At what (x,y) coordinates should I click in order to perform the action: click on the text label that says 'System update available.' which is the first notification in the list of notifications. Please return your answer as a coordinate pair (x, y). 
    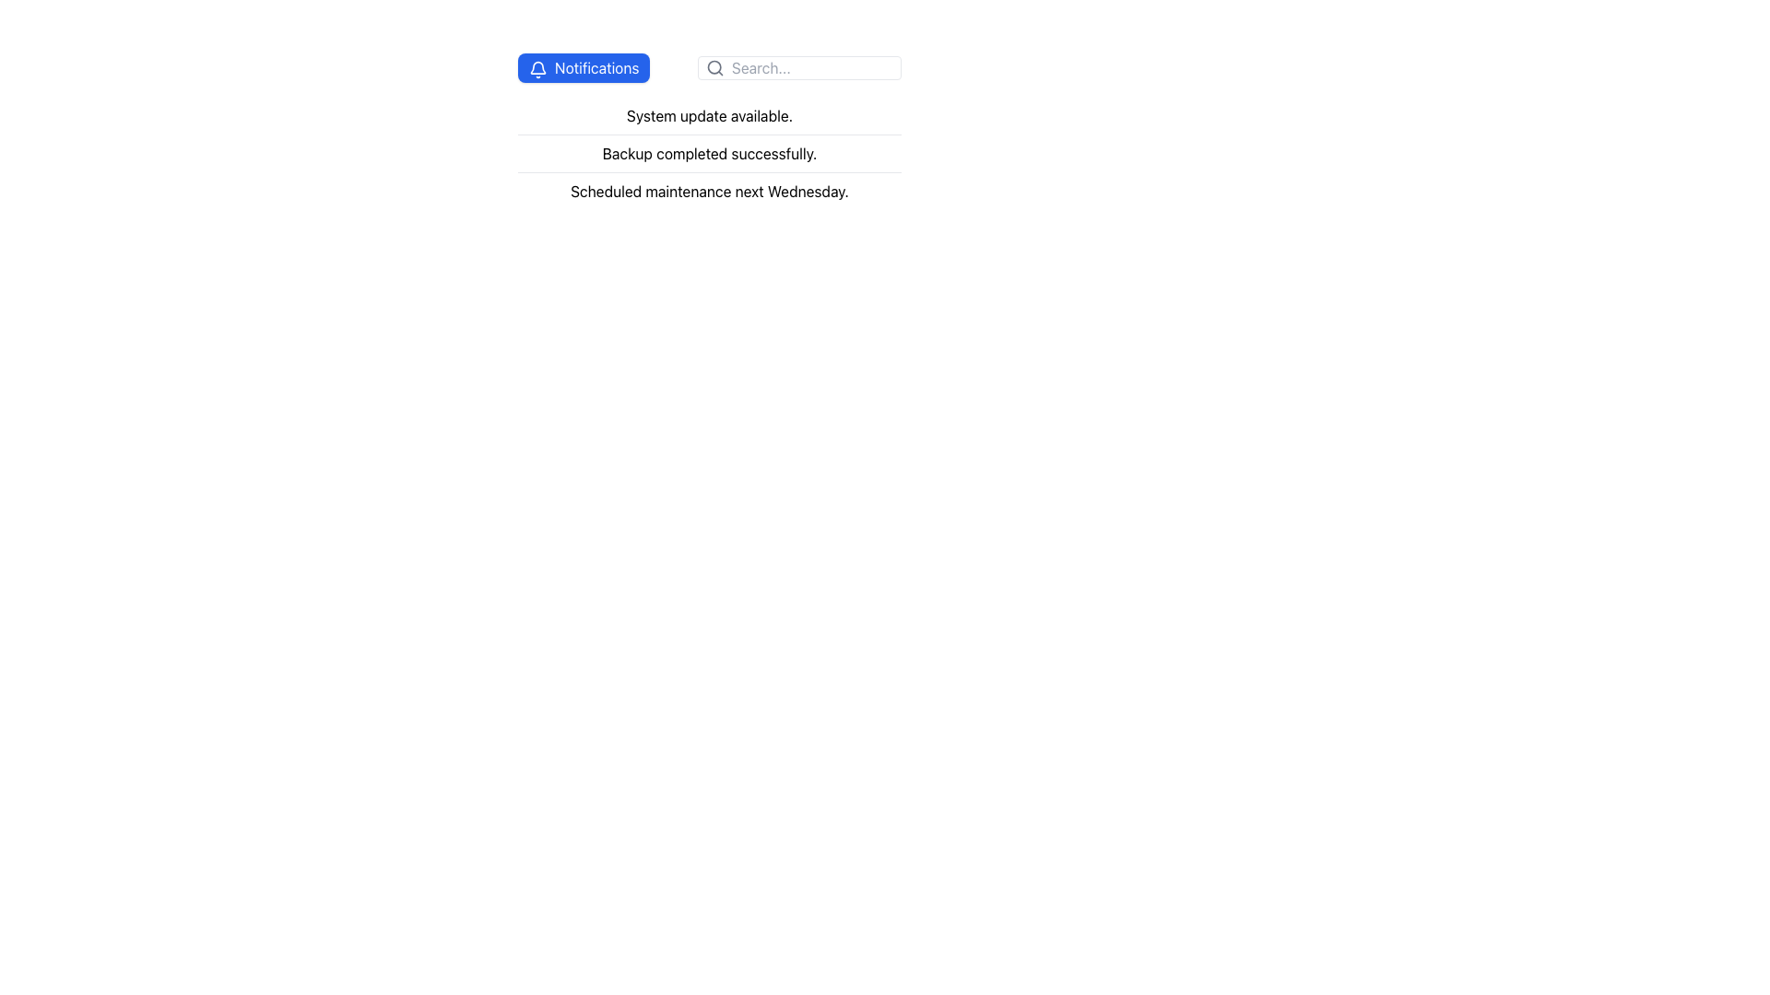
    Looking at the image, I should click on (708, 116).